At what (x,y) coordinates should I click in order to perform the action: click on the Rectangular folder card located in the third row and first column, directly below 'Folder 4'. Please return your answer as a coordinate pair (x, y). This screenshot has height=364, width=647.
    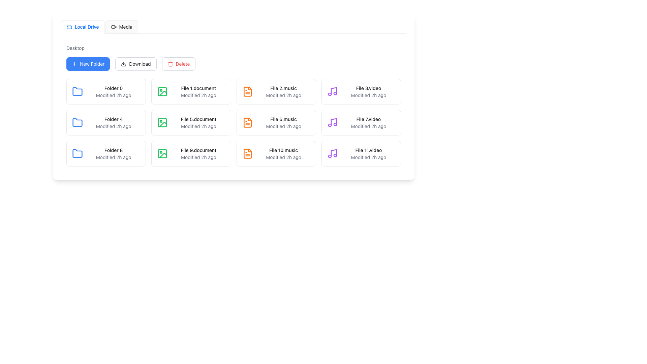
    Looking at the image, I should click on (106, 153).